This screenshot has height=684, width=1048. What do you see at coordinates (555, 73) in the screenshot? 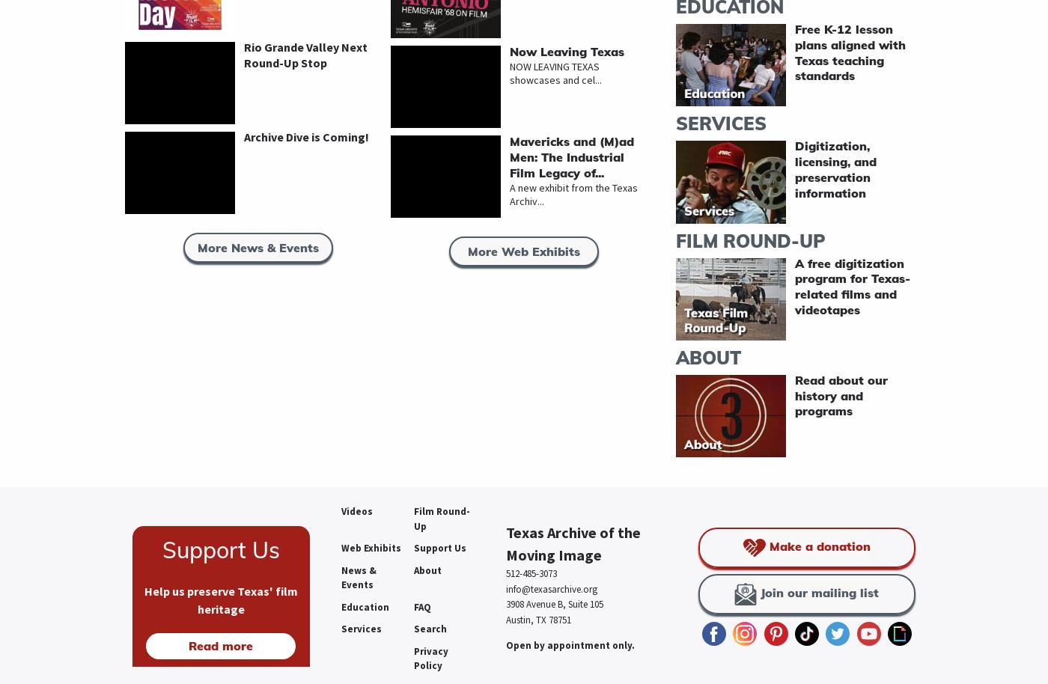
I see `'NOW LEAVING TEXAS showcases and cel...'` at bounding box center [555, 73].